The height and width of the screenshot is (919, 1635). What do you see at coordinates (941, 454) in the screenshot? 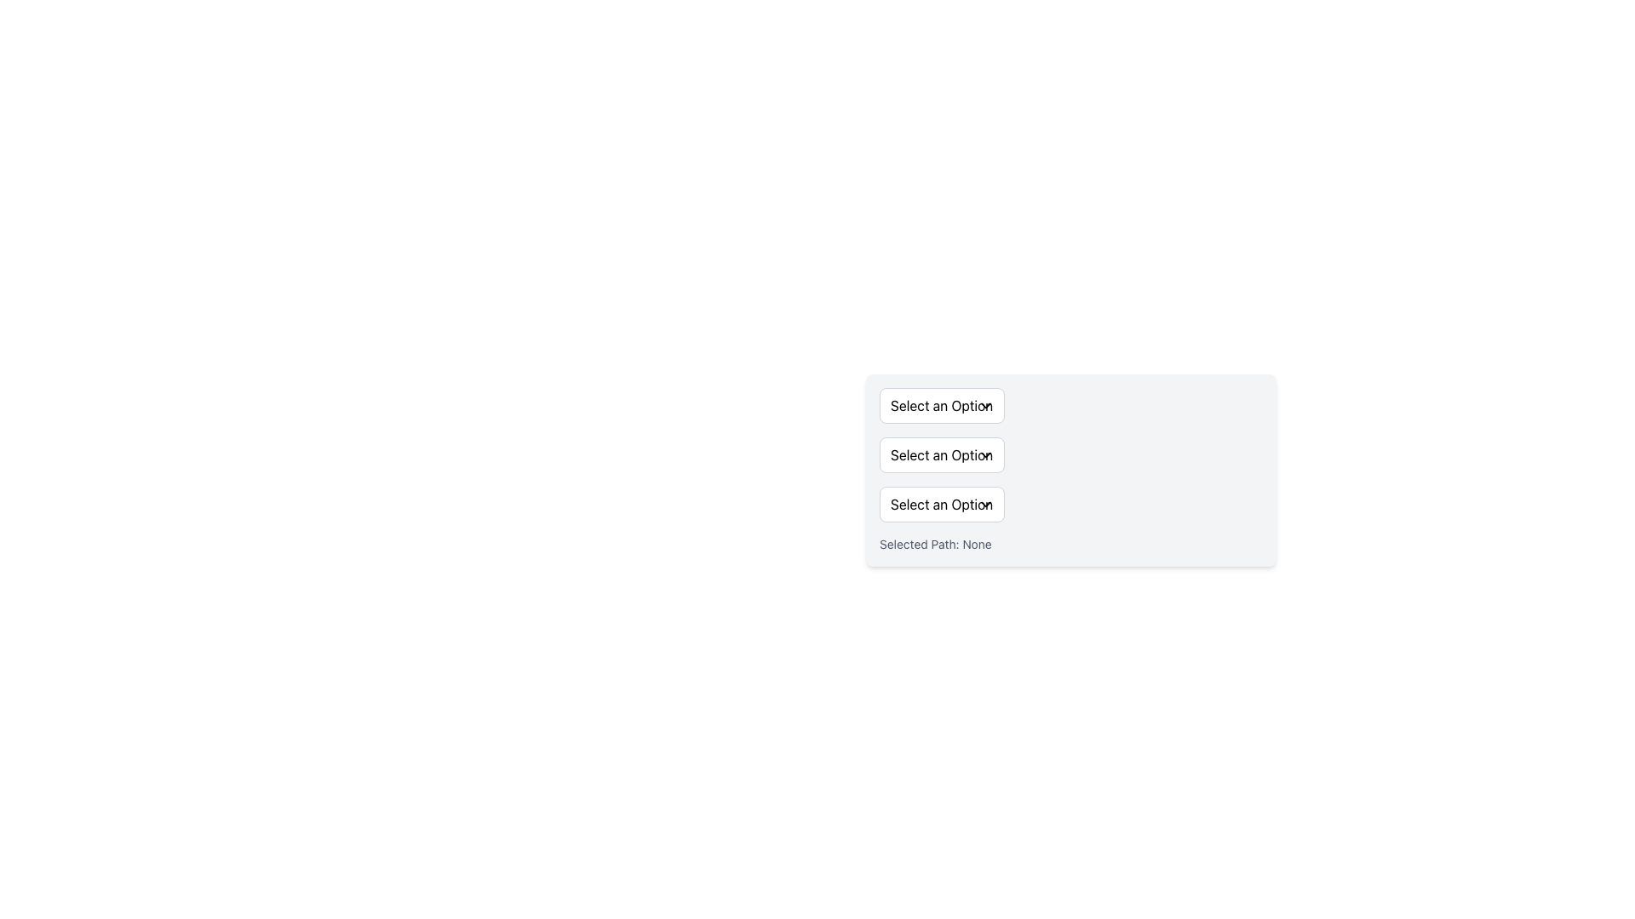
I see `the button labeled 'Select an Option' with a right-aligned chevron-down icon` at bounding box center [941, 454].